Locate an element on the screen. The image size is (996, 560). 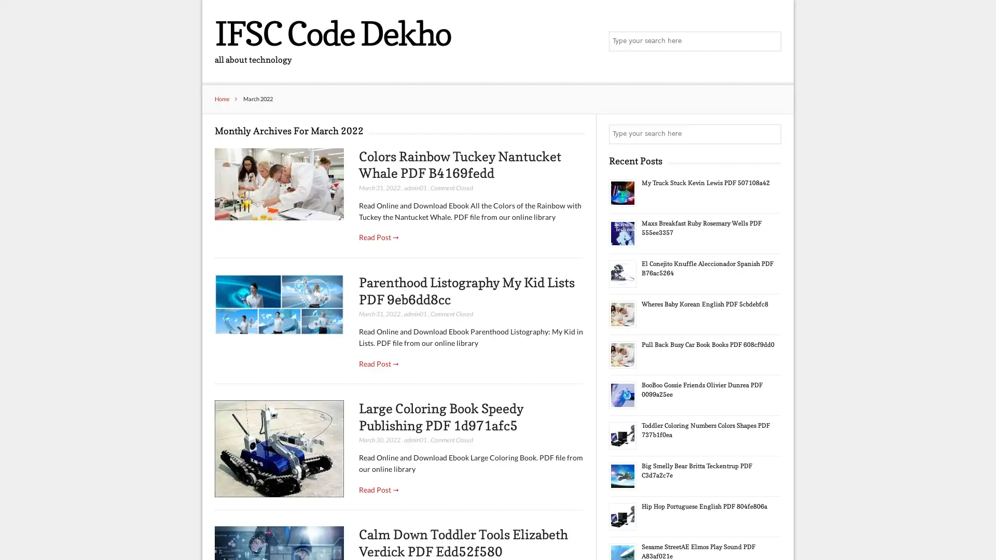
Search is located at coordinates (770, 41).